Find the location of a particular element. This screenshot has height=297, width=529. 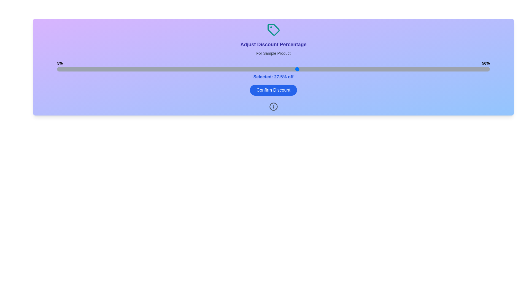

the discount percentage is located at coordinates (114, 69).